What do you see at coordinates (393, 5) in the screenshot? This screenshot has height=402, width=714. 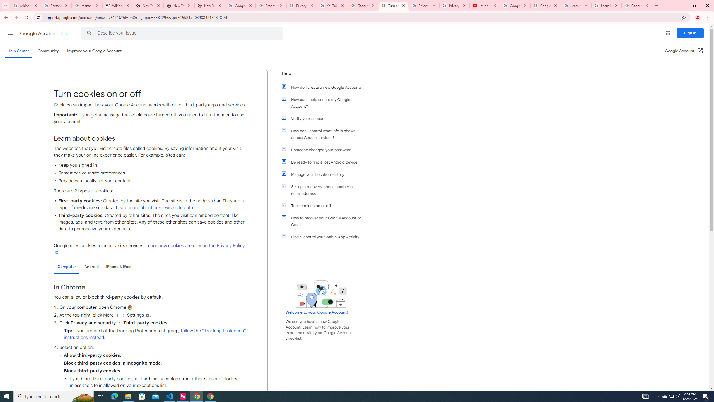 I see `'Turn cookies on or off - Computer - Google Account Help'` at bounding box center [393, 5].